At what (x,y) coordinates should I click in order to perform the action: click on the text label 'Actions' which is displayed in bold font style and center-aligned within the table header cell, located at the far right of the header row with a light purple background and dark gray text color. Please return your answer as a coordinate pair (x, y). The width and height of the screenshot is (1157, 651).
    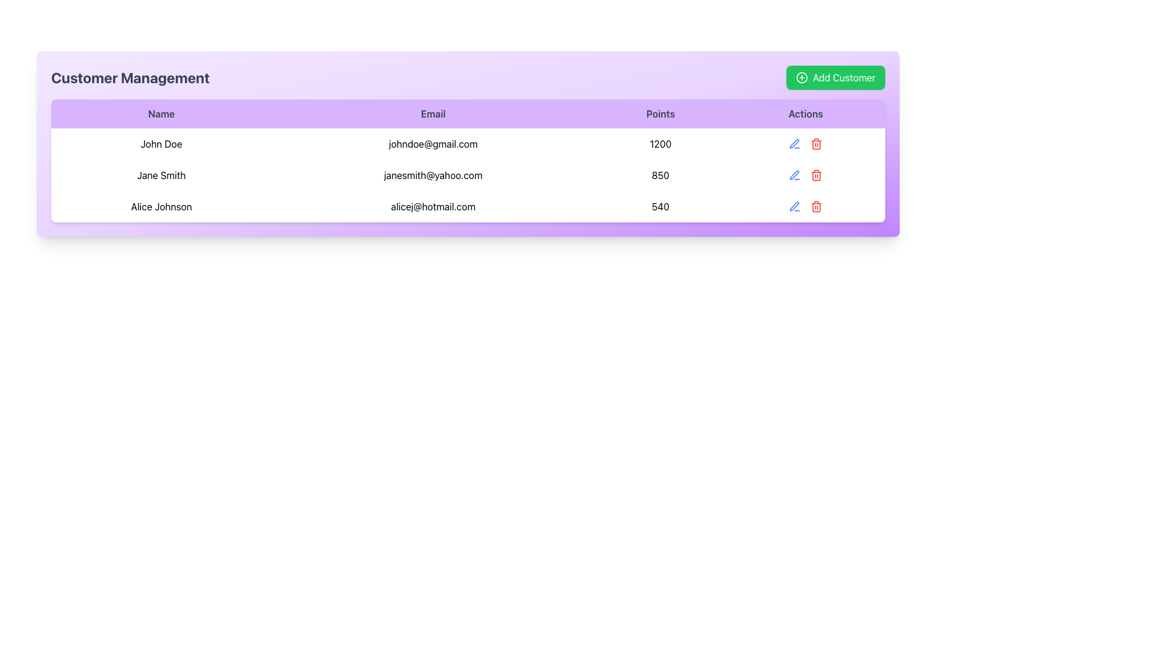
    Looking at the image, I should click on (806, 114).